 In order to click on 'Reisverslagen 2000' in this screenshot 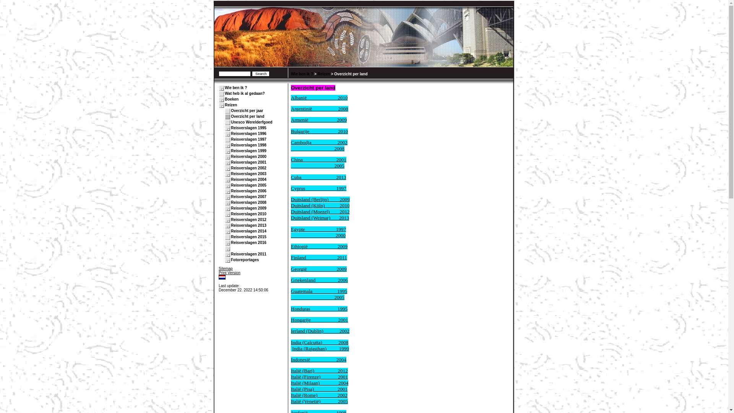, I will do `click(248, 156)`.